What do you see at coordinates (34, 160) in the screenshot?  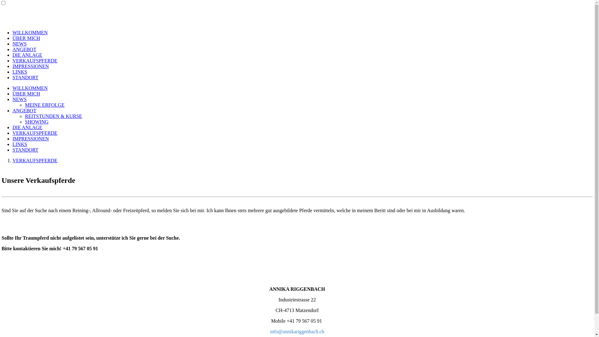 I see `'VERKAUFSPFERDE'` at bounding box center [34, 160].